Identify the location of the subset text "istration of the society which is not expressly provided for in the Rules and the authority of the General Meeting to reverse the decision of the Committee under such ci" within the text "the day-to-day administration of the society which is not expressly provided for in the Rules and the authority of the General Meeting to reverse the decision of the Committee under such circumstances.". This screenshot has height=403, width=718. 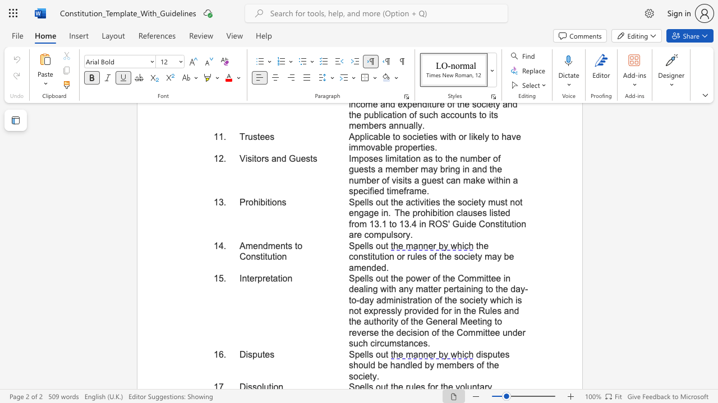
(401, 299).